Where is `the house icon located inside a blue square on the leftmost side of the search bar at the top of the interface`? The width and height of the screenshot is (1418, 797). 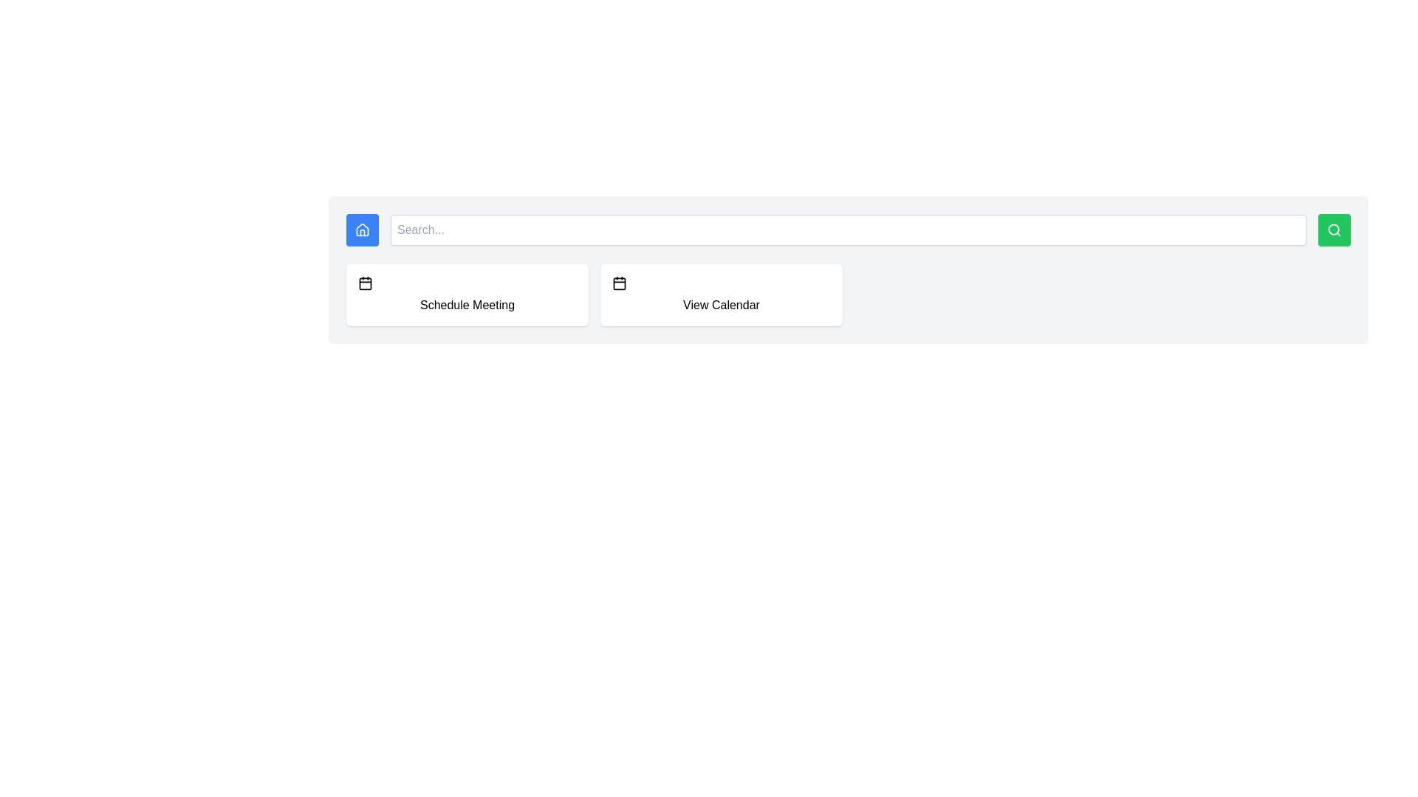
the house icon located inside a blue square on the leftmost side of the search bar at the top of the interface is located at coordinates (362, 230).